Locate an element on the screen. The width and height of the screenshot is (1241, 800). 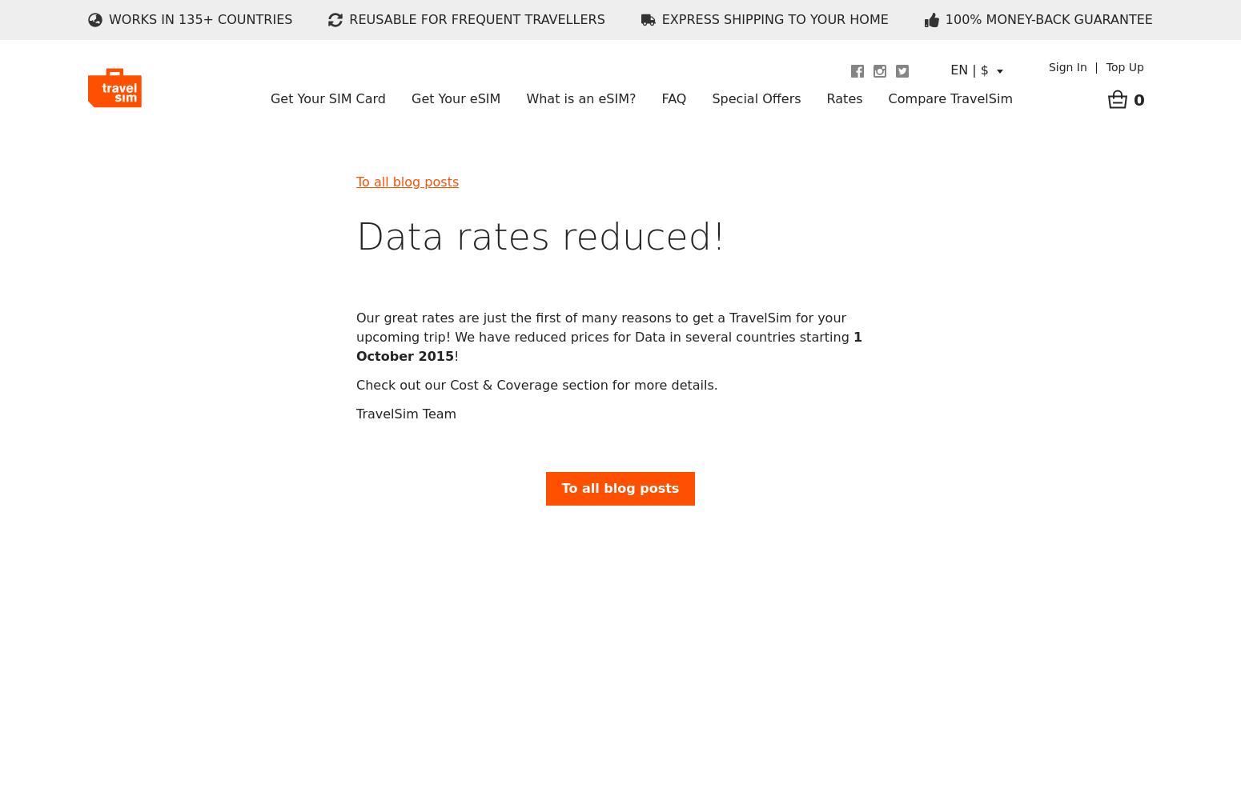
'Check out our Cost & Coverage section for more details.' is located at coordinates (536, 383).